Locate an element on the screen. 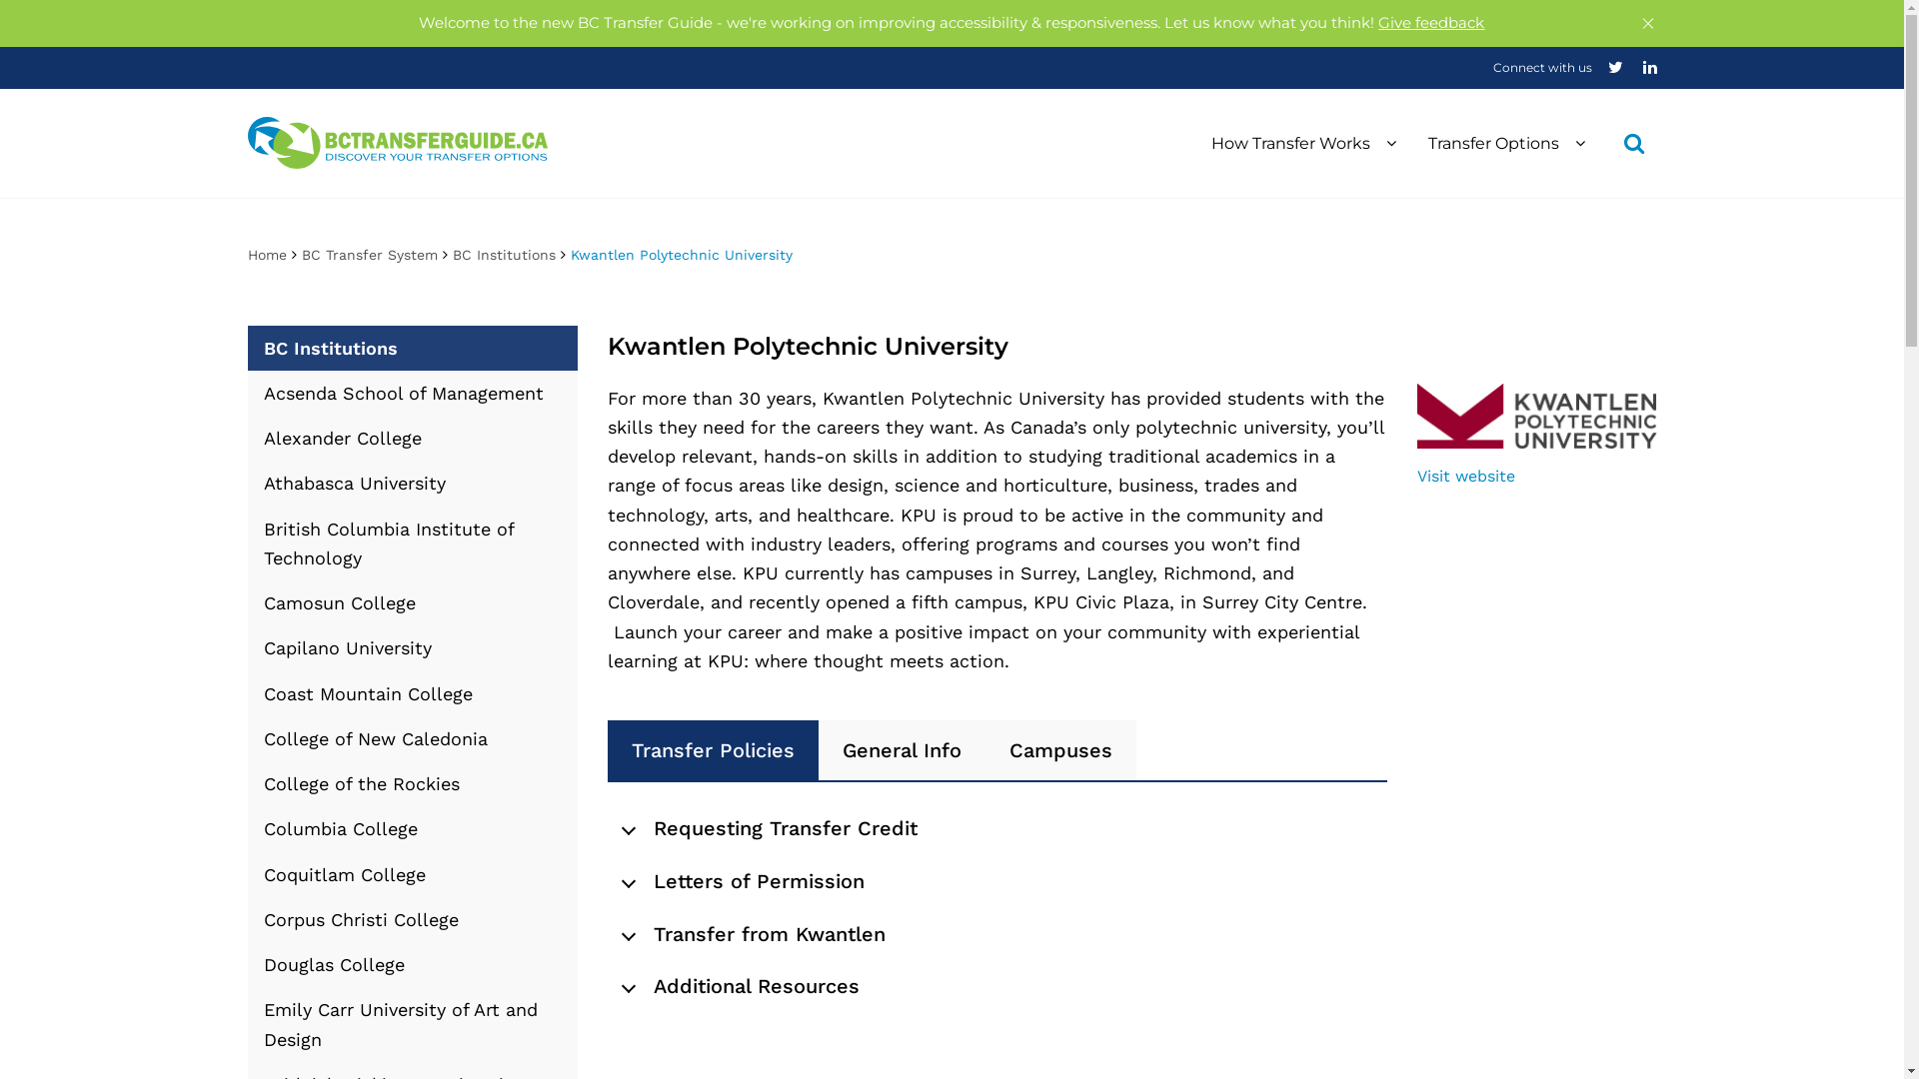 Image resolution: width=1919 pixels, height=1079 pixels. 'Campuses' is located at coordinates (1059, 750).